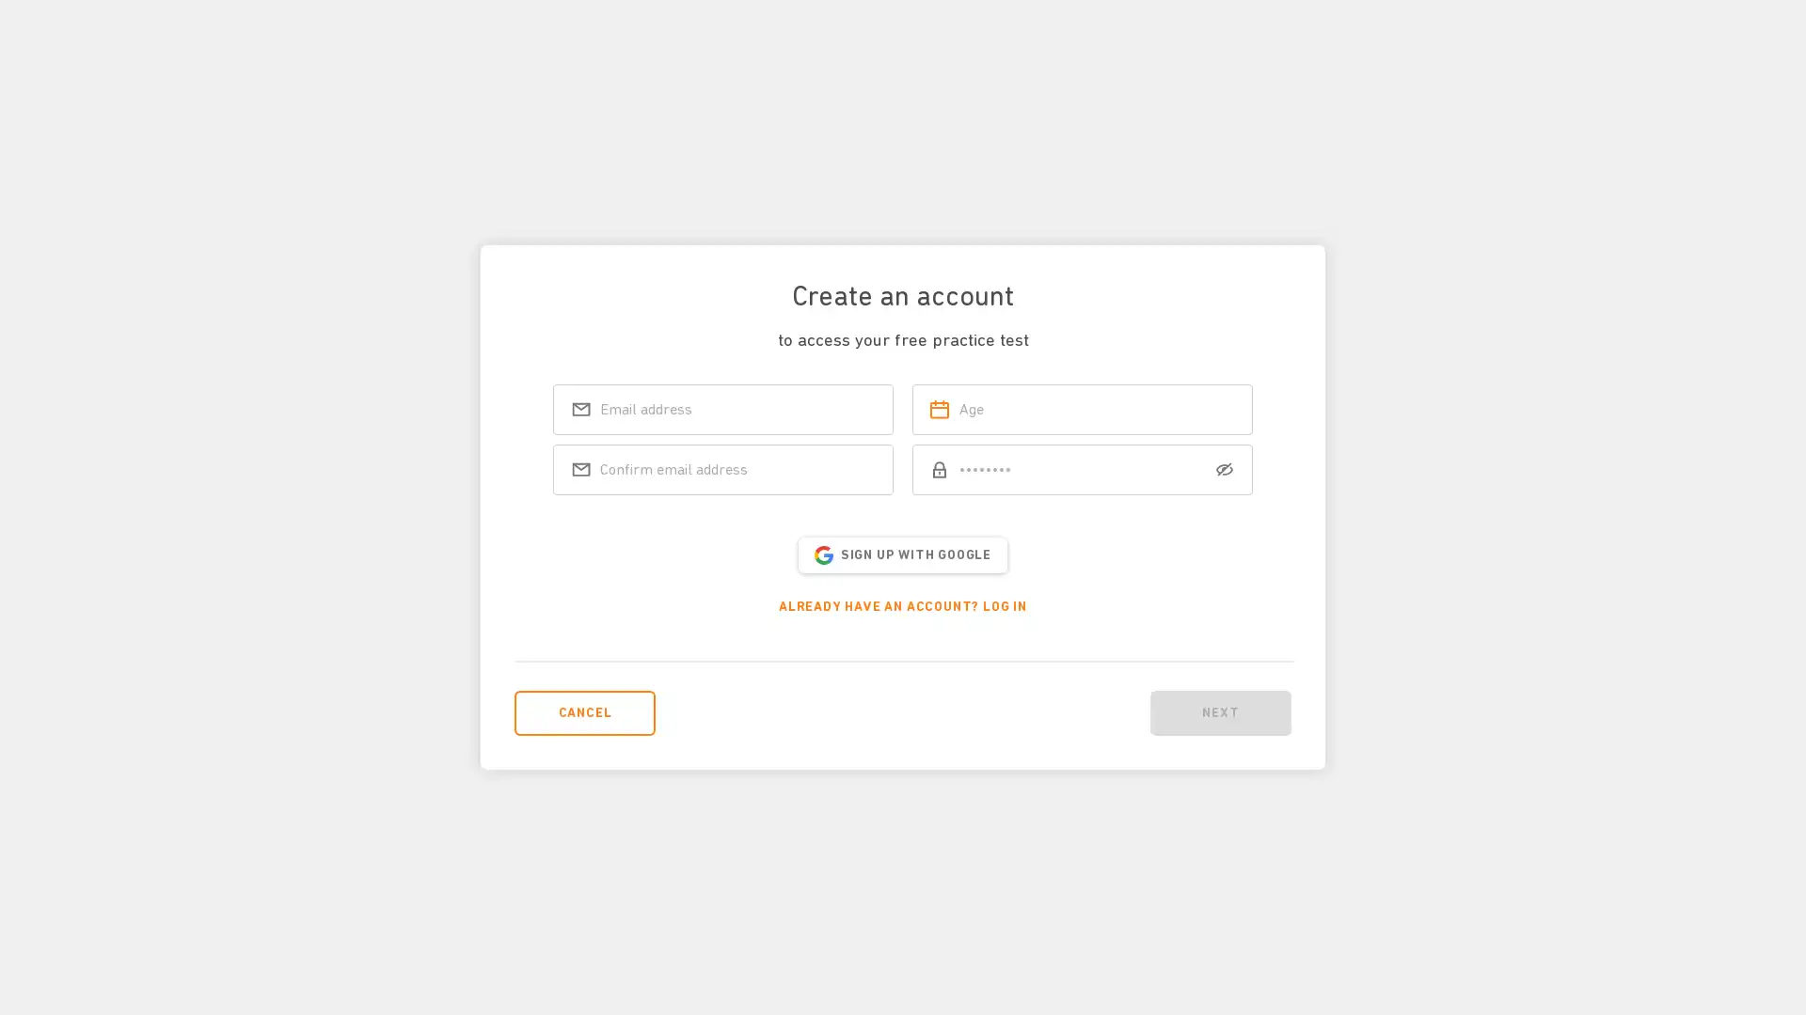  Describe the element at coordinates (584, 712) in the screenshot. I see `CANCEL` at that location.